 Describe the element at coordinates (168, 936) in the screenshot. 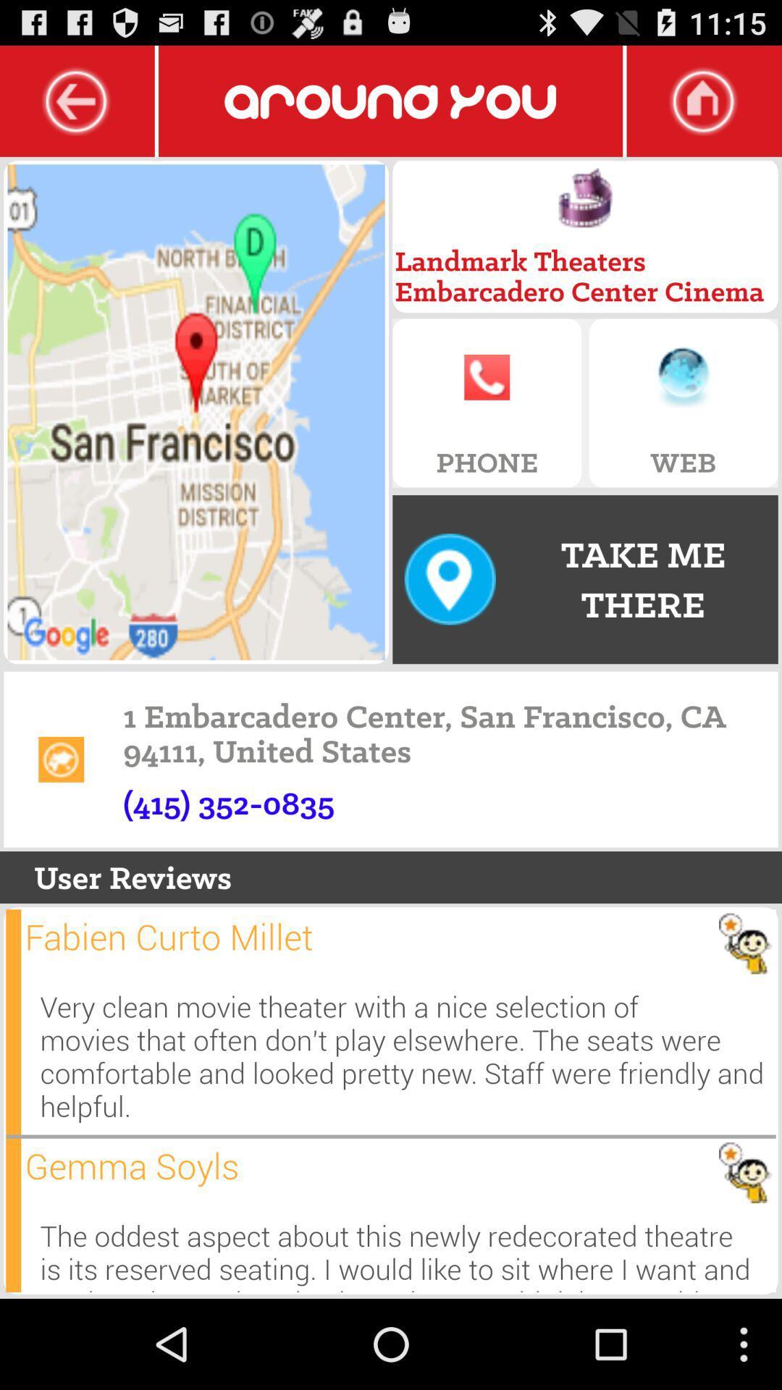

I see `app above very clean movie icon` at that location.